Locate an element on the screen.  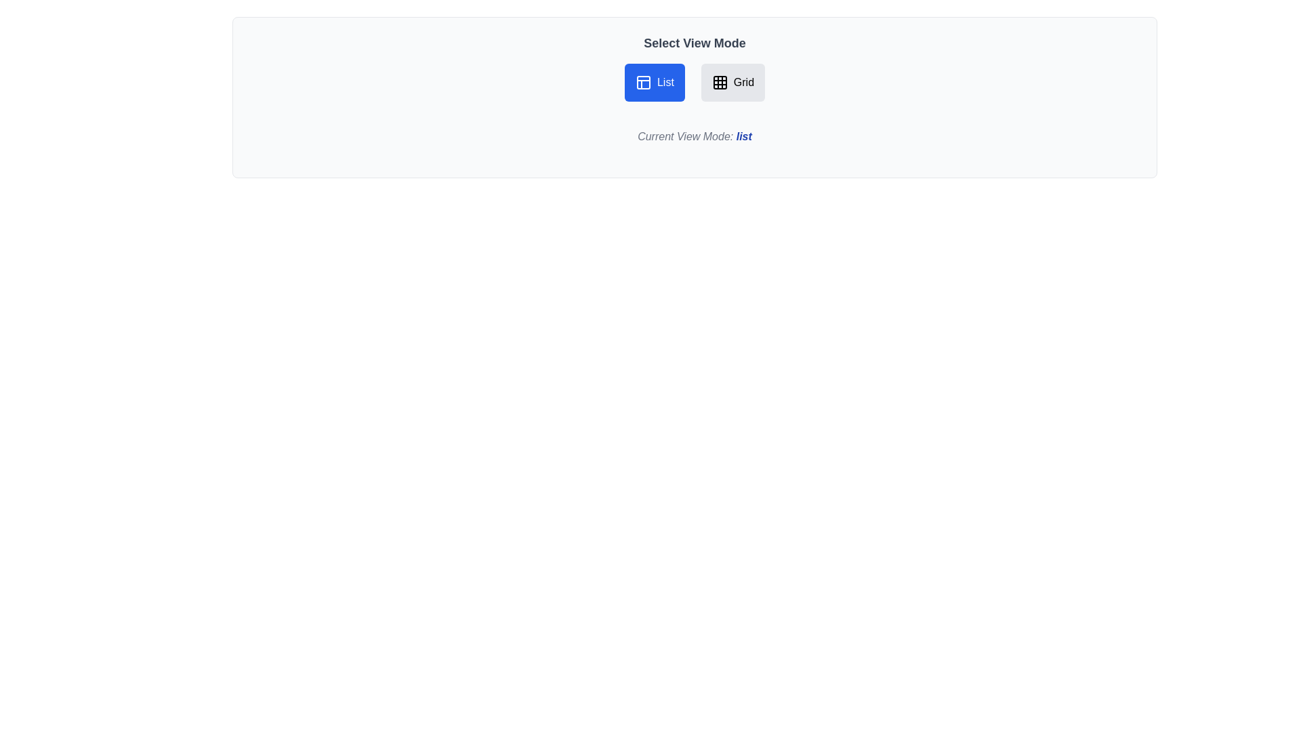
the Grid button to switch the view mode is located at coordinates (732, 83).